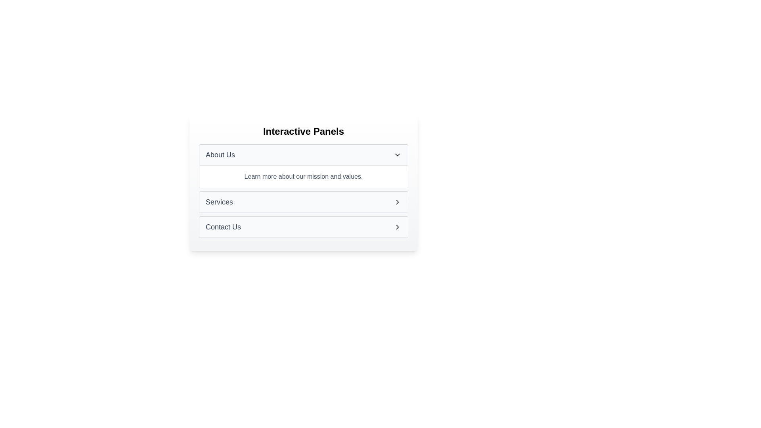 The width and height of the screenshot is (761, 428). Describe the element at coordinates (398, 201) in the screenshot. I see `the icon positioned at the extreme right end of the 'Services' row to expand or navigate to a more detailed section related to 'Services'` at that location.